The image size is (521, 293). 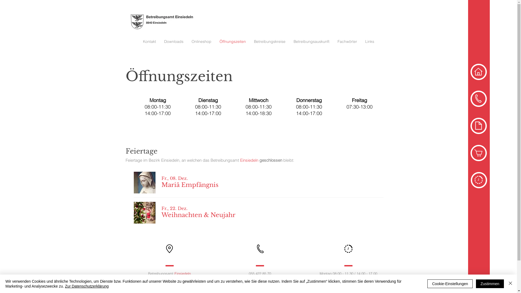 What do you see at coordinates (161, 212) in the screenshot?
I see `'Fr., 22. Dez.` at bounding box center [161, 212].